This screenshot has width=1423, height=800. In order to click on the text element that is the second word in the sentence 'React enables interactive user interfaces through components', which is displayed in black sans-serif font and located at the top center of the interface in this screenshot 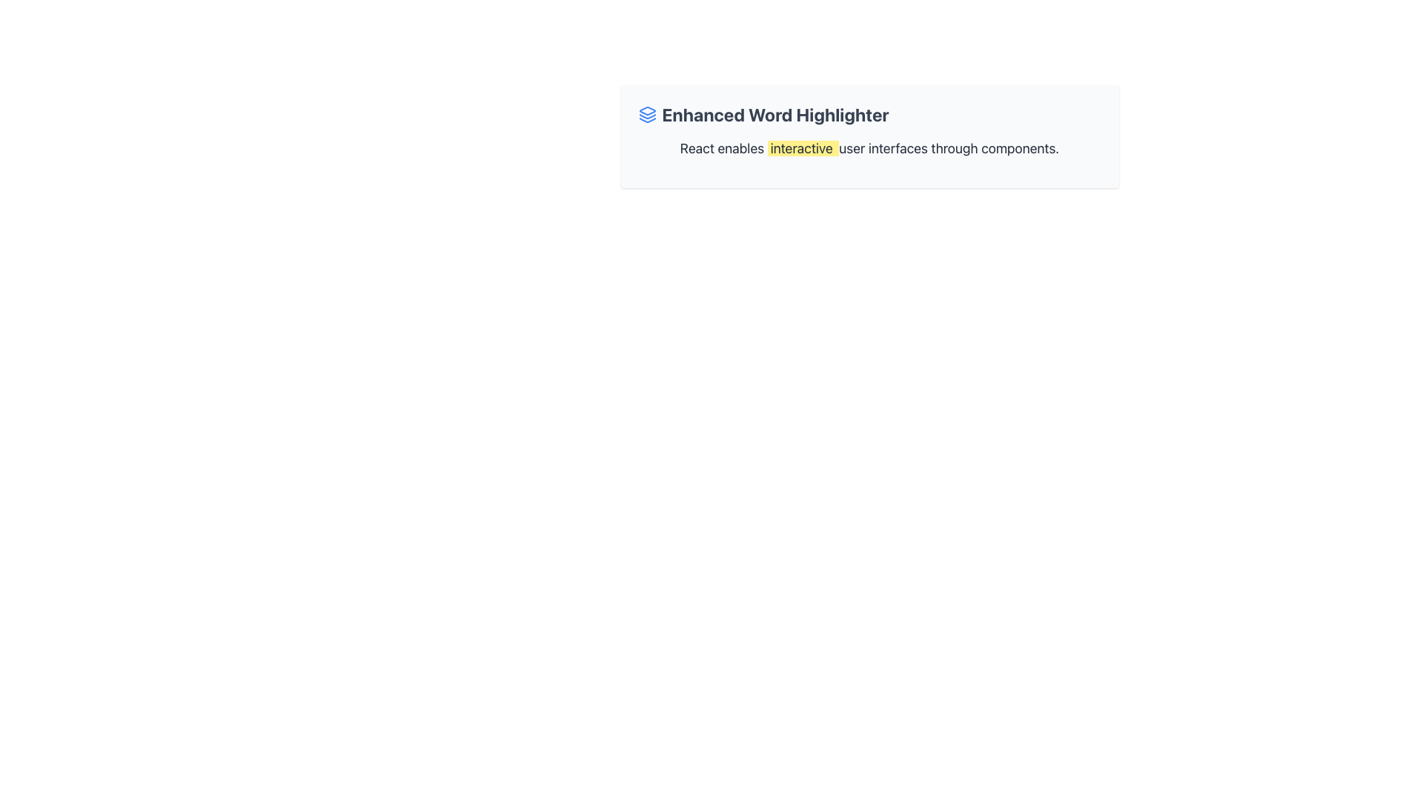, I will do `click(743, 148)`.